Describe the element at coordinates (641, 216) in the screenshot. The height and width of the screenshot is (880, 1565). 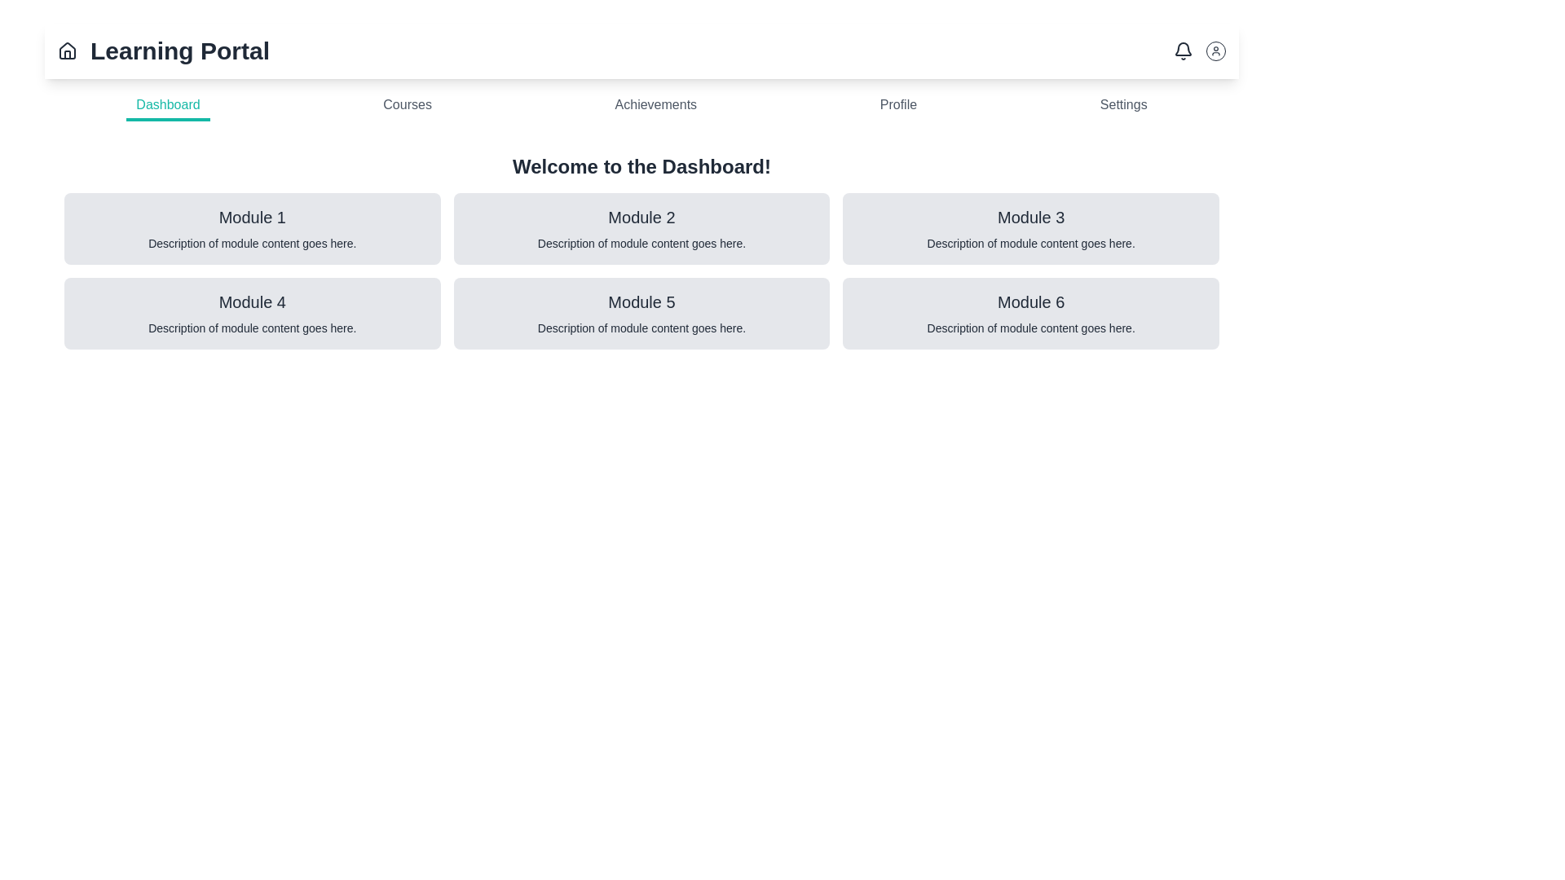
I see `title from the text label located centrally within the second card of the top row, below 'Welcome to the Dashboard!' and adjacent to 'Module 1' and 'Module 3'` at that location.